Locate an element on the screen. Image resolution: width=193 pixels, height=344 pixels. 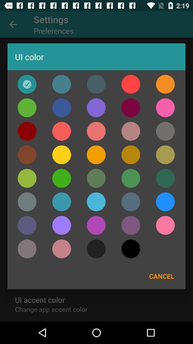
the color is located at coordinates (26, 155).